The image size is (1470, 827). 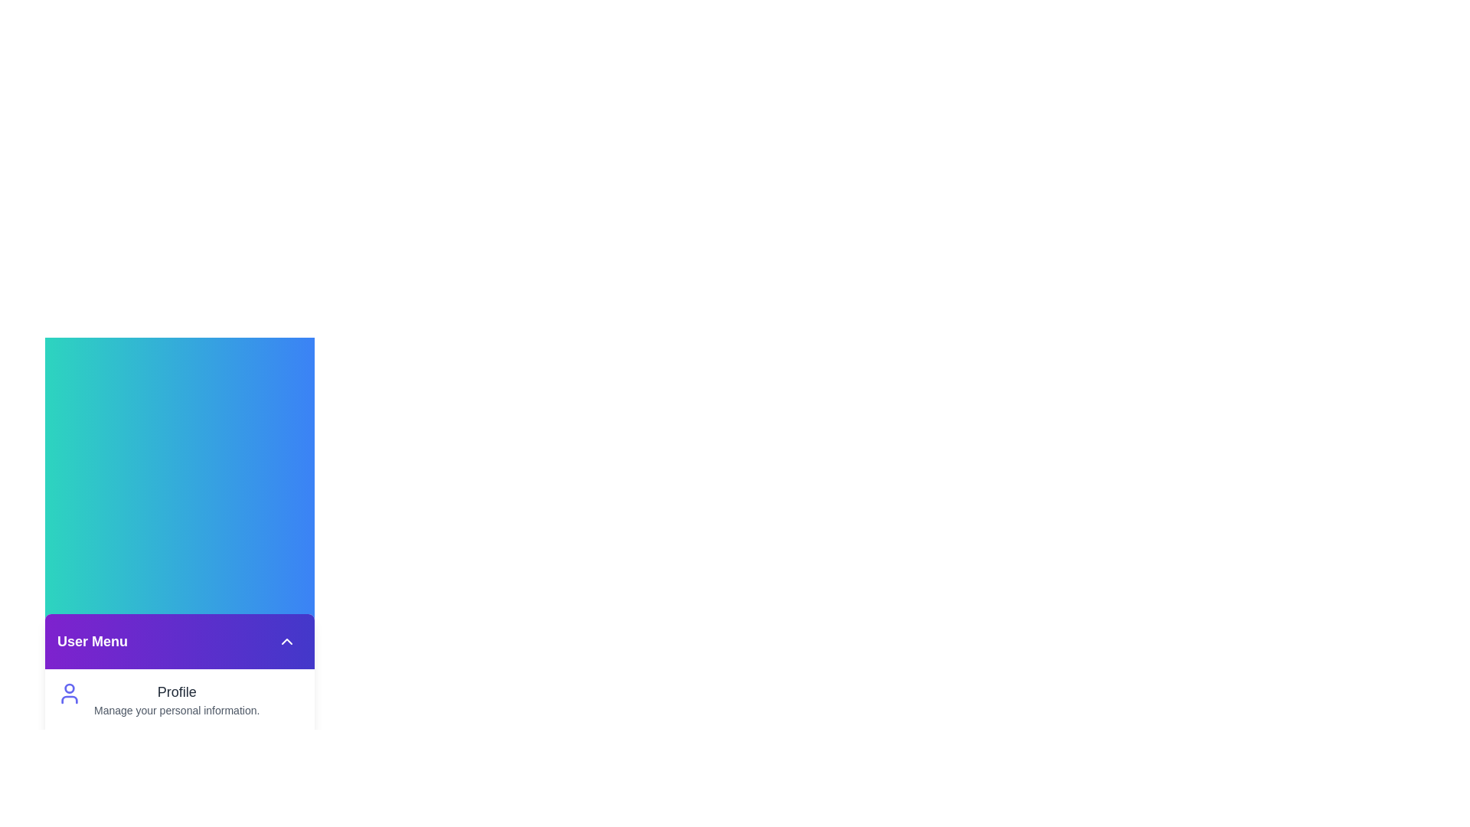 I want to click on the menu item Profile, so click(x=180, y=700).